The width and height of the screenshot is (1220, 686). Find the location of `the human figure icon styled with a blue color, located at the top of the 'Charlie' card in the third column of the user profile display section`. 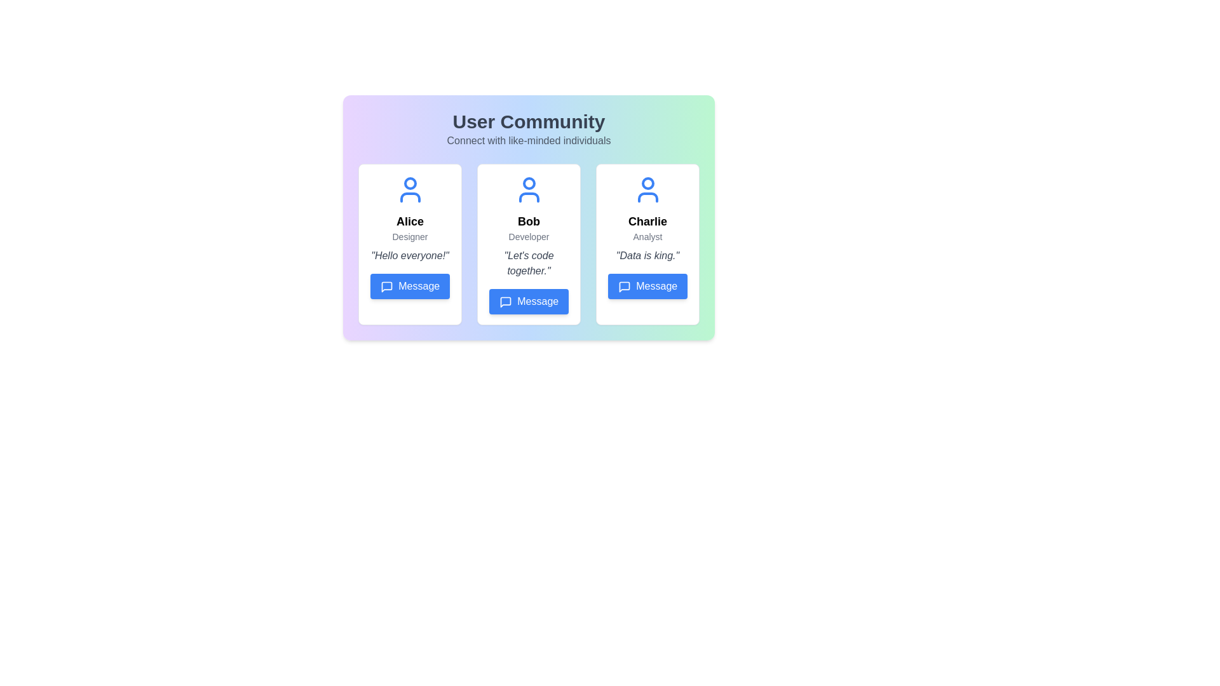

the human figure icon styled with a blue color, located at the top of the 'Charlie' card in the third column of the user profile display section is located at coordinates (647, 190).